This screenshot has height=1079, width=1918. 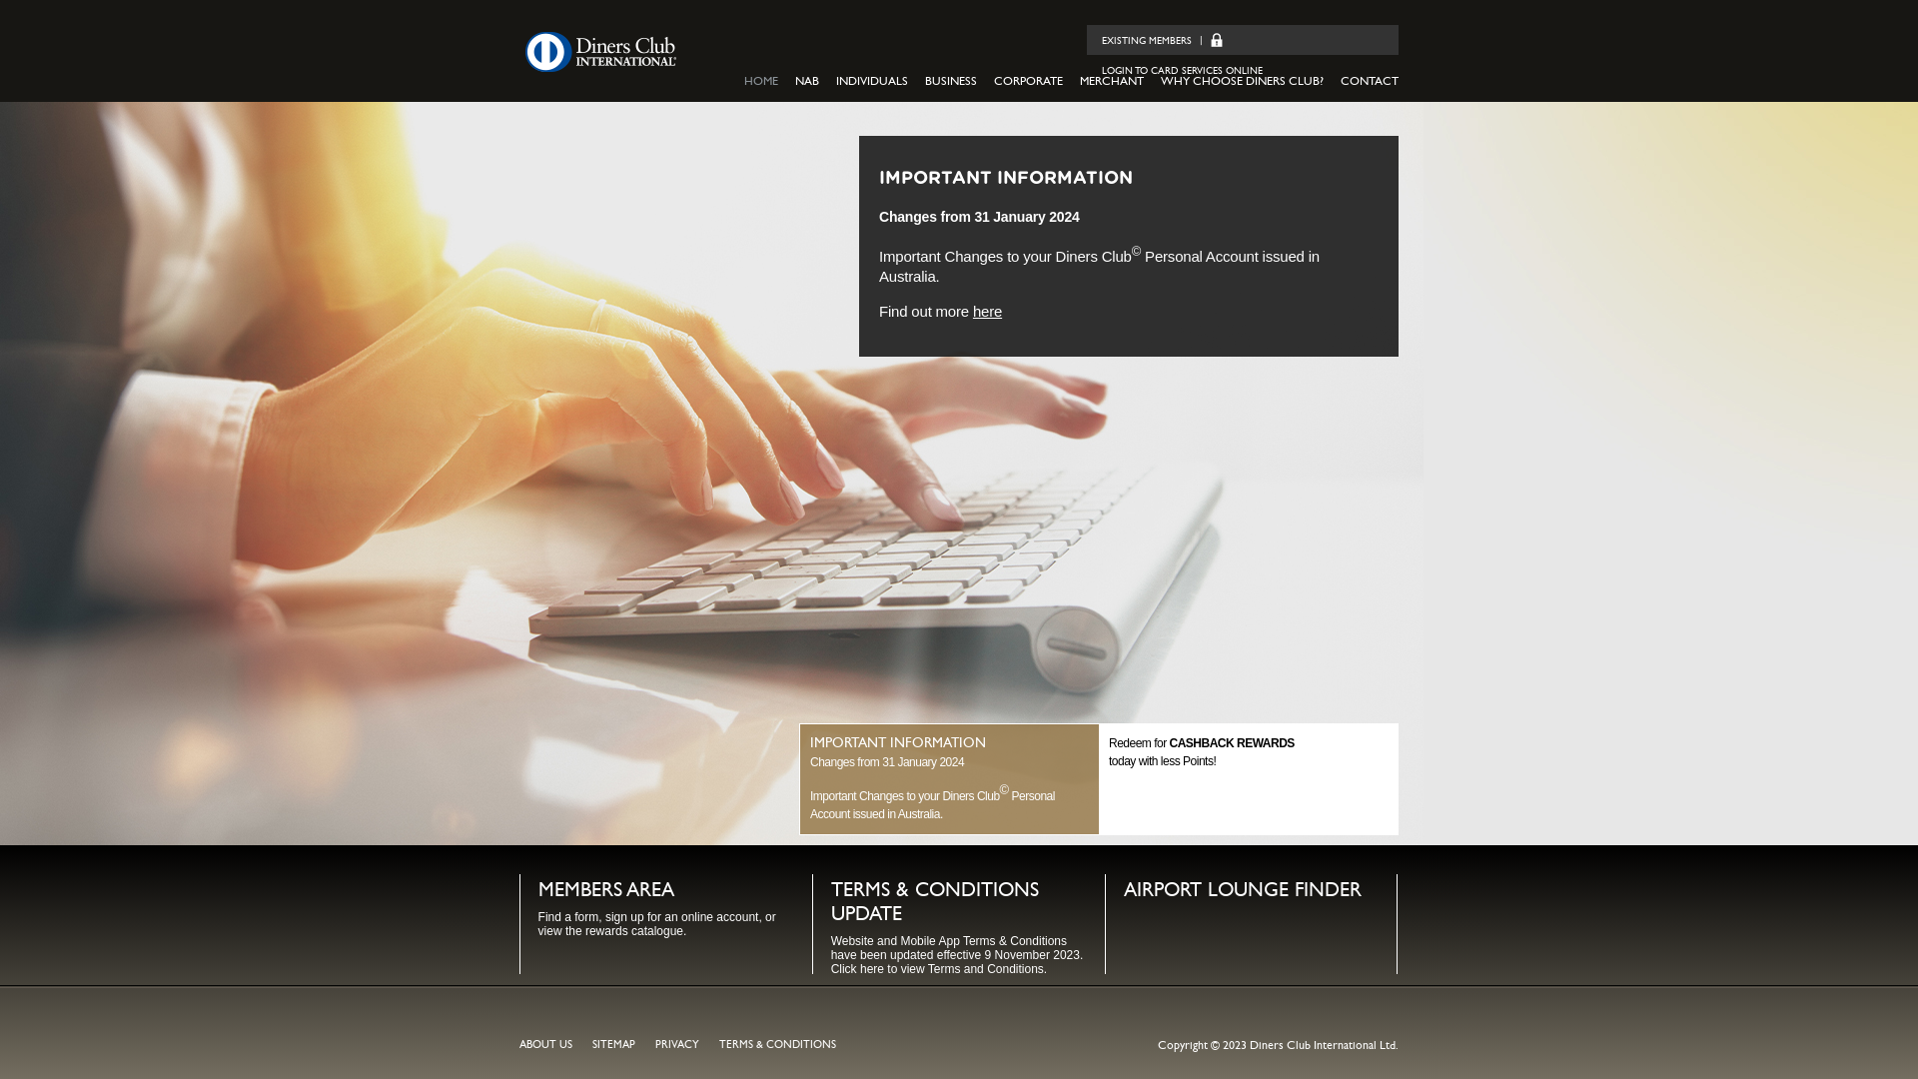 I want to click on 'LOGIN TO CARD SERVICES ONLINE', so click(x=1100, y=69).